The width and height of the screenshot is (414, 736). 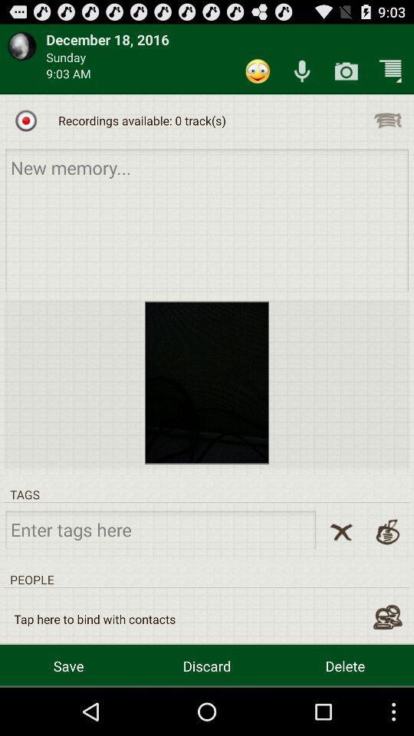 What do you see at coordinates (94, 619) in the screenshot?
I see `the text above the the save button at the left bottom of the page` at bounding box center [94, 619].